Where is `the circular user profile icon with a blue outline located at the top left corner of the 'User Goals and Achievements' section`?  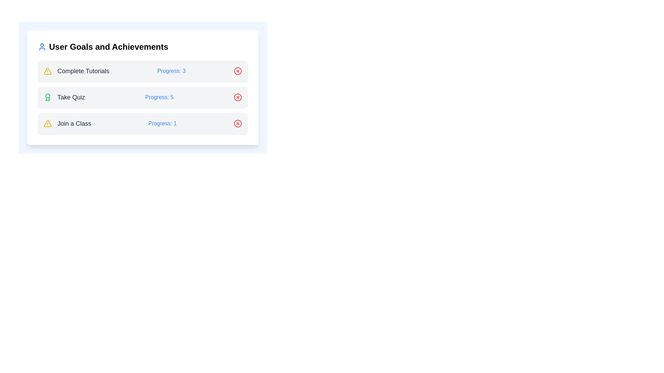
the circular user profile icon with a blue outline located at the top left corner of the 'User Goals and Achievements' section is located at coordinates (41, 47).